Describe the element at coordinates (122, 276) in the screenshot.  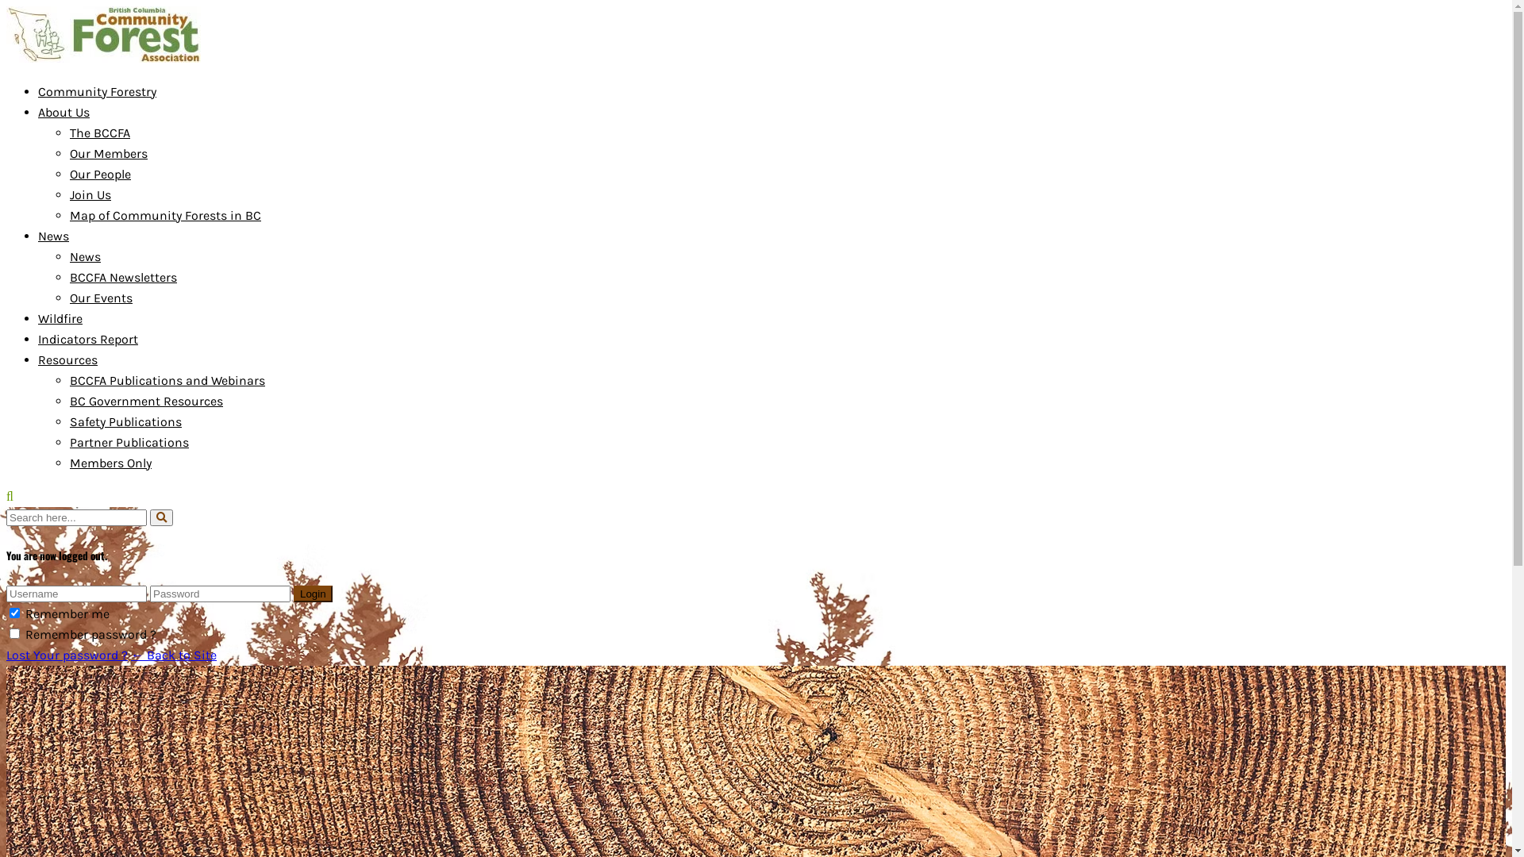
I see `'BCCFA Newsletters'` at that location.